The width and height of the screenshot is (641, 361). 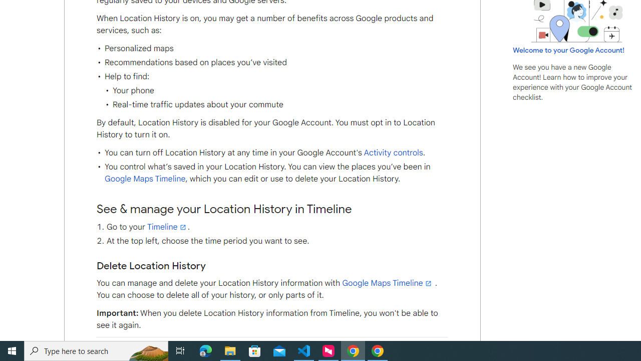 I want to click on 'Welcome to your Google Account!', so click(x=568, y=50).